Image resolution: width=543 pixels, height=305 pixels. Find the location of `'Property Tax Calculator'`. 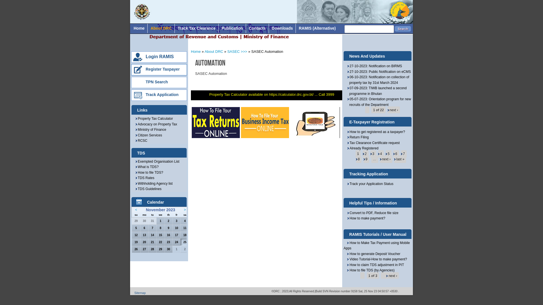

'Property Tax Calculator' is located at coordinates (134, 118).